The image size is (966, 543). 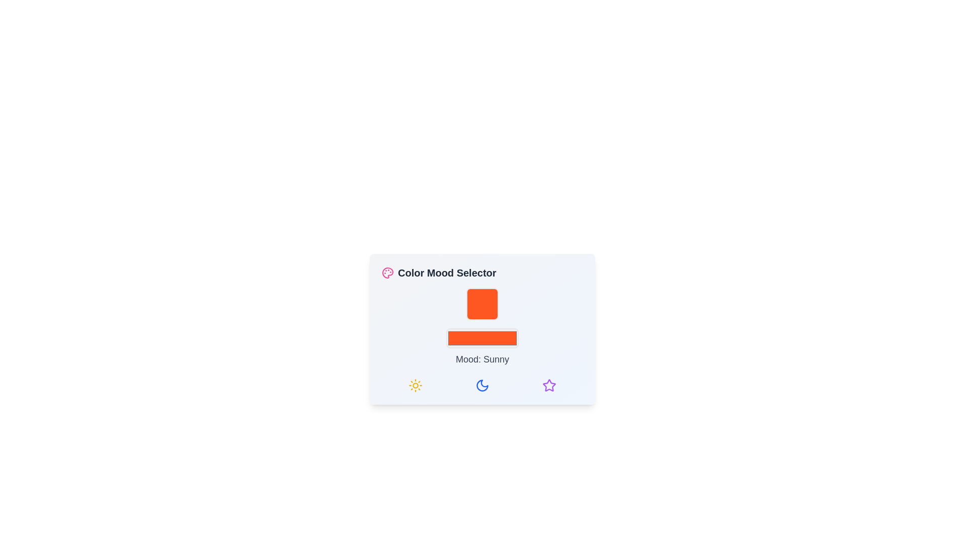 I want to click on the circular center of the sun icon located at the bottom-left corner of the interface, so click(x=415, y=385).